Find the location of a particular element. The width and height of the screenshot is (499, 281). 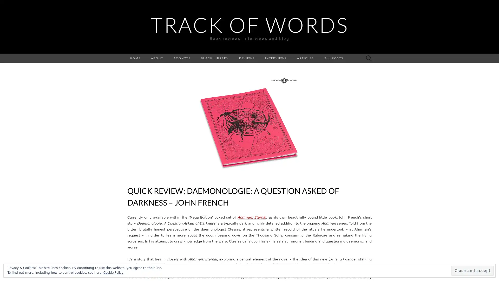

Close and accept is located at coordinates (472, 270).